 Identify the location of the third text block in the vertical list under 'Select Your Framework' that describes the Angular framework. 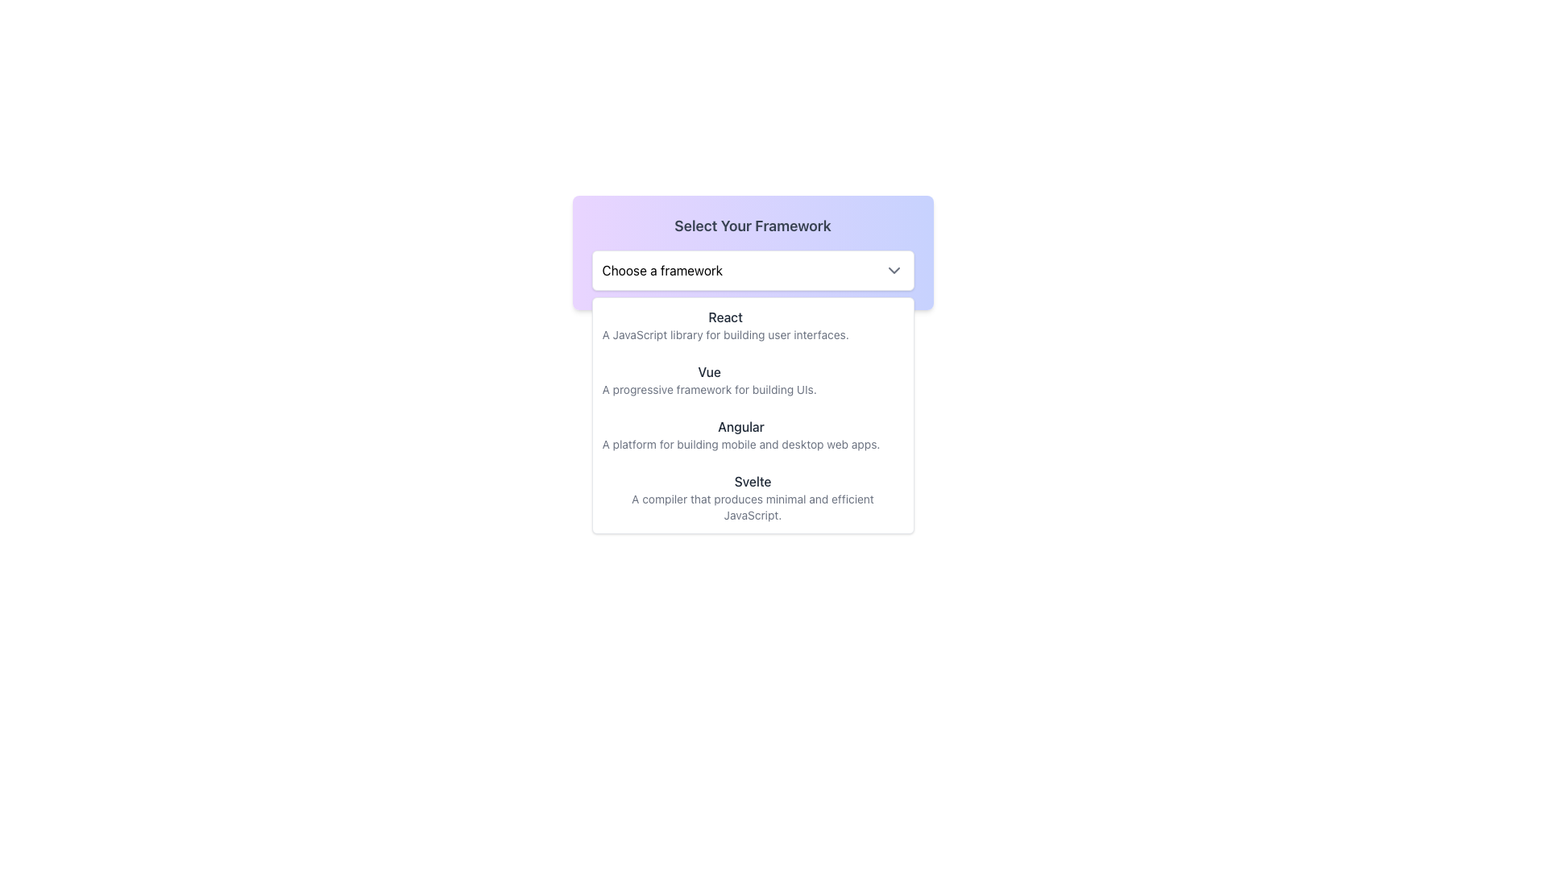
(740, 435).